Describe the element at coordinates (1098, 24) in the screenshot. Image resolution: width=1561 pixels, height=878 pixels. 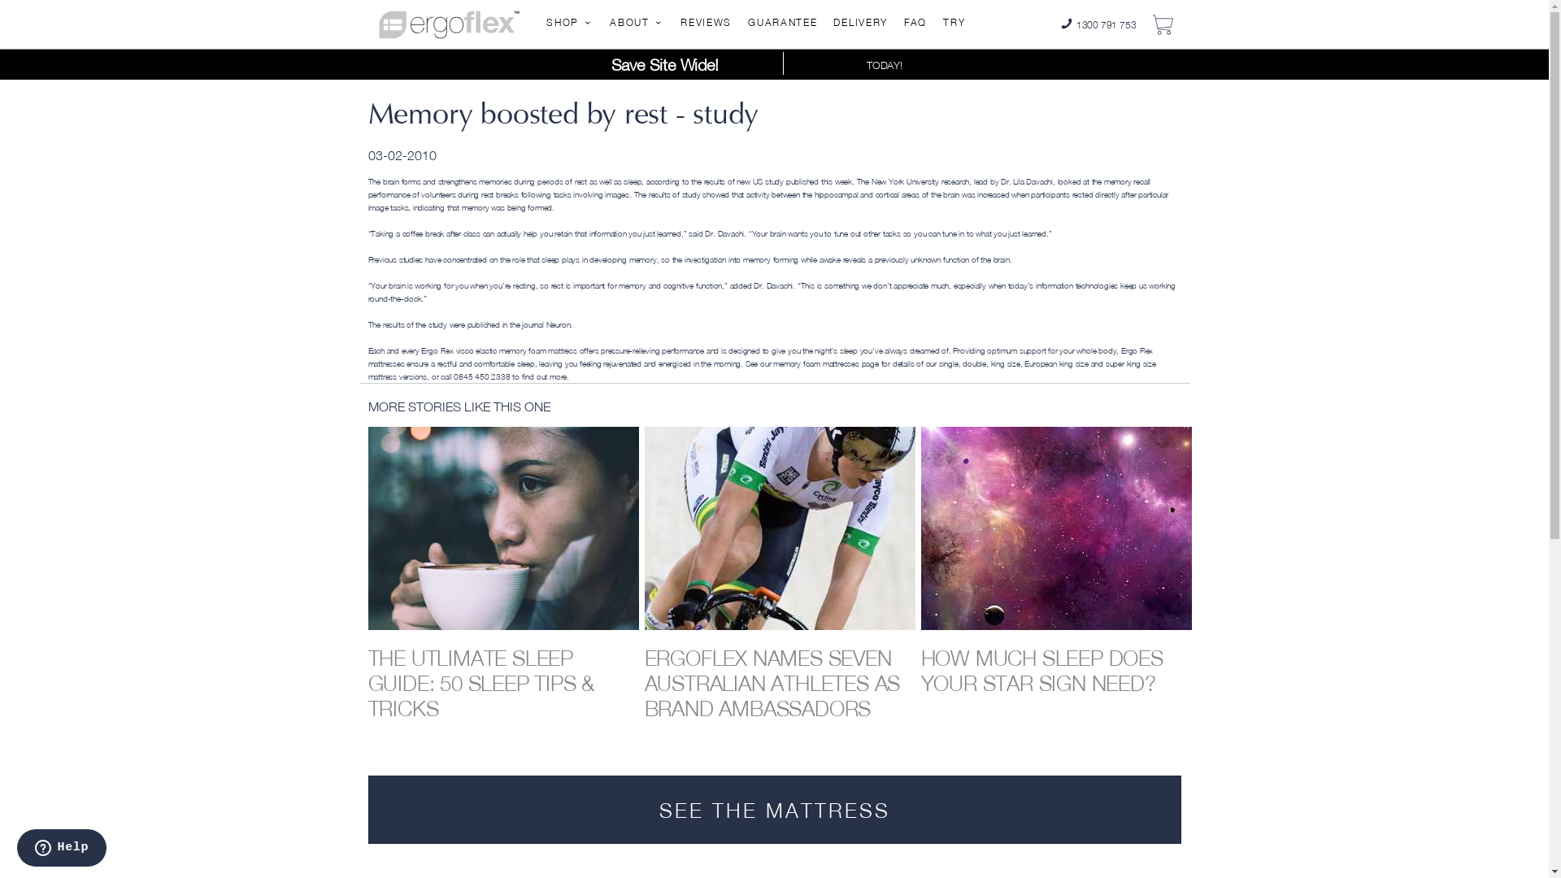
I see `'1300 791 753'` at that location.